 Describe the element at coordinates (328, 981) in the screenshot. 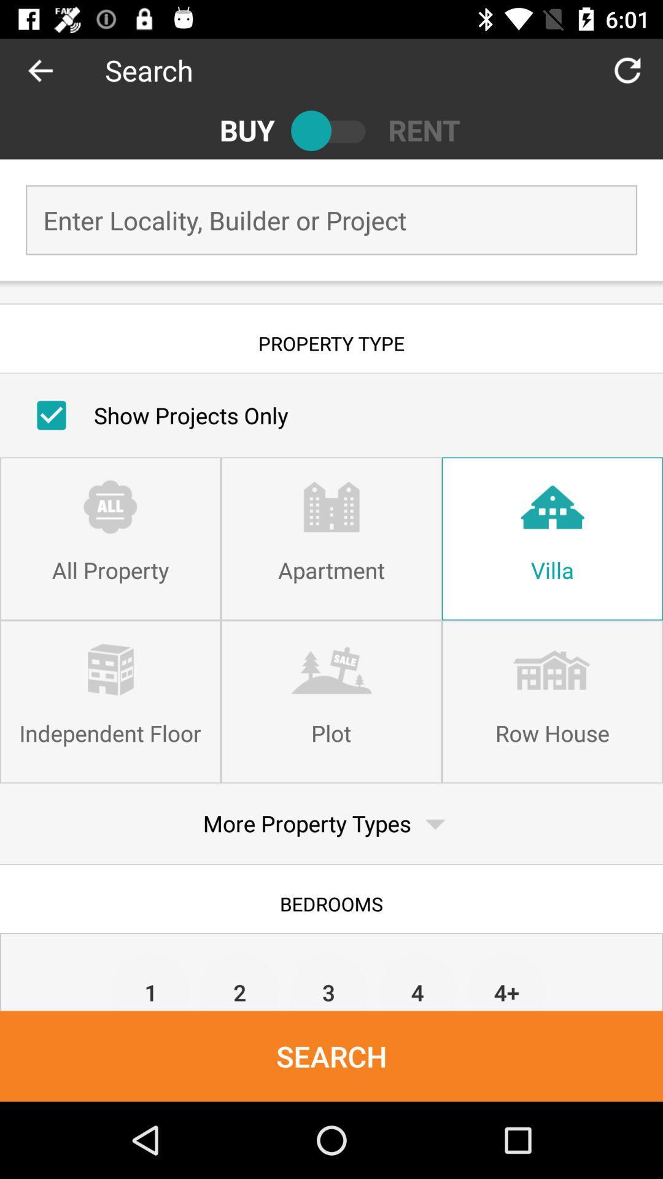

I see `the icon to the left of 4` at that location.